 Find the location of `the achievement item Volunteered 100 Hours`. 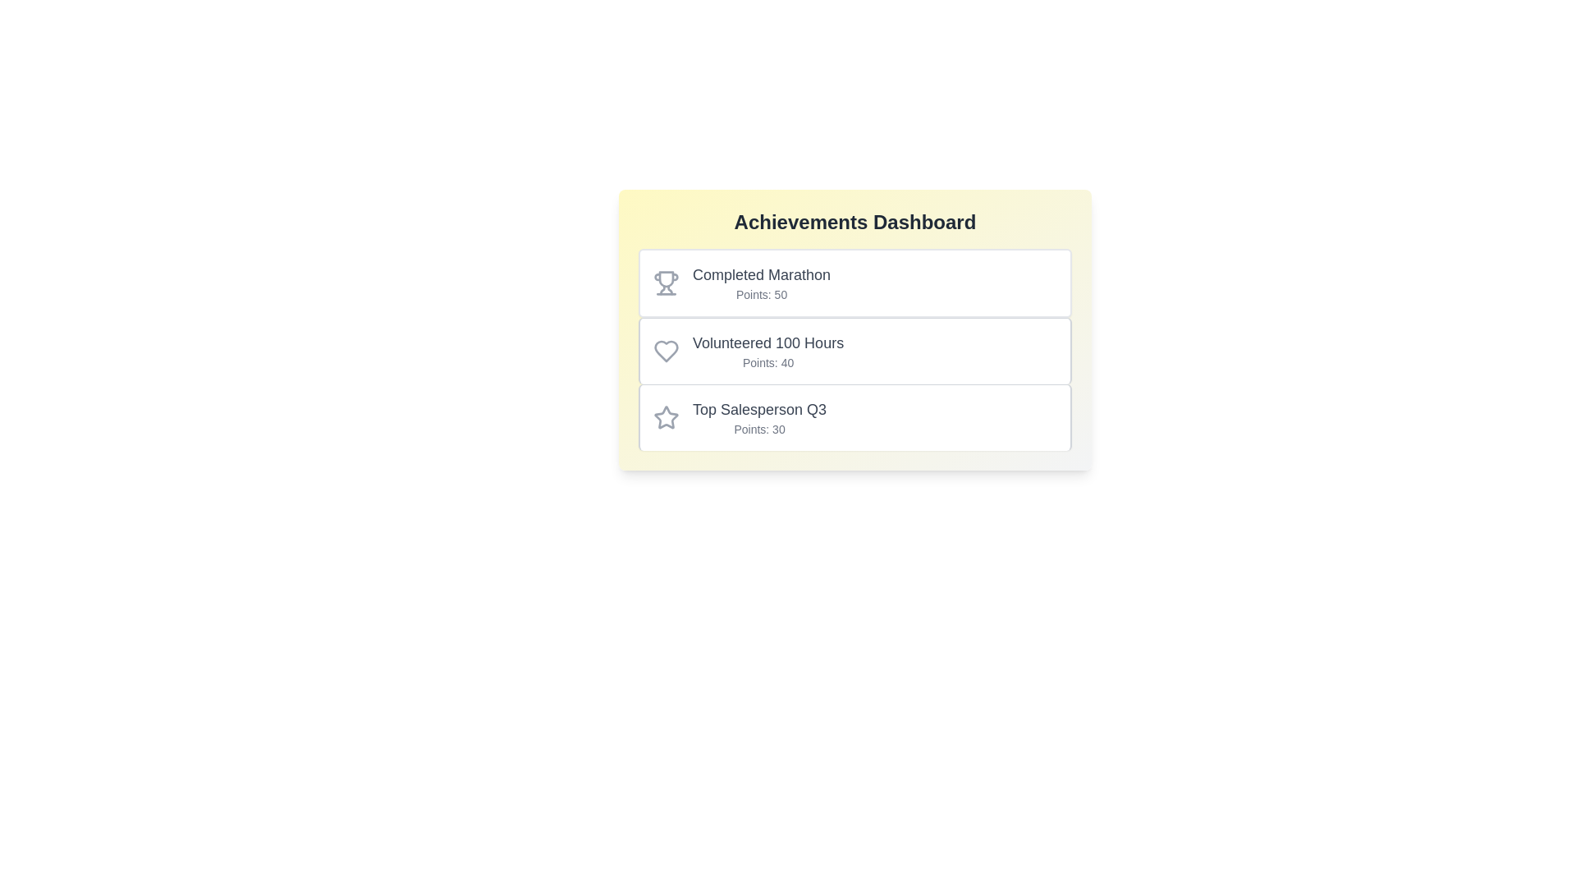

the achievement item Volunteered 100 Hours is located at coordinates (854, 350).